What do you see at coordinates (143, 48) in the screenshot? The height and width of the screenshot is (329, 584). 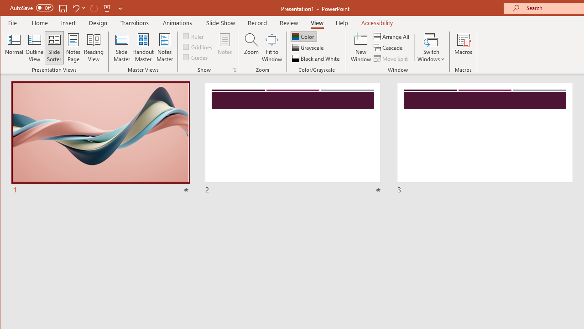 I see `'Handout Master'` at bounding box center [143, 48].